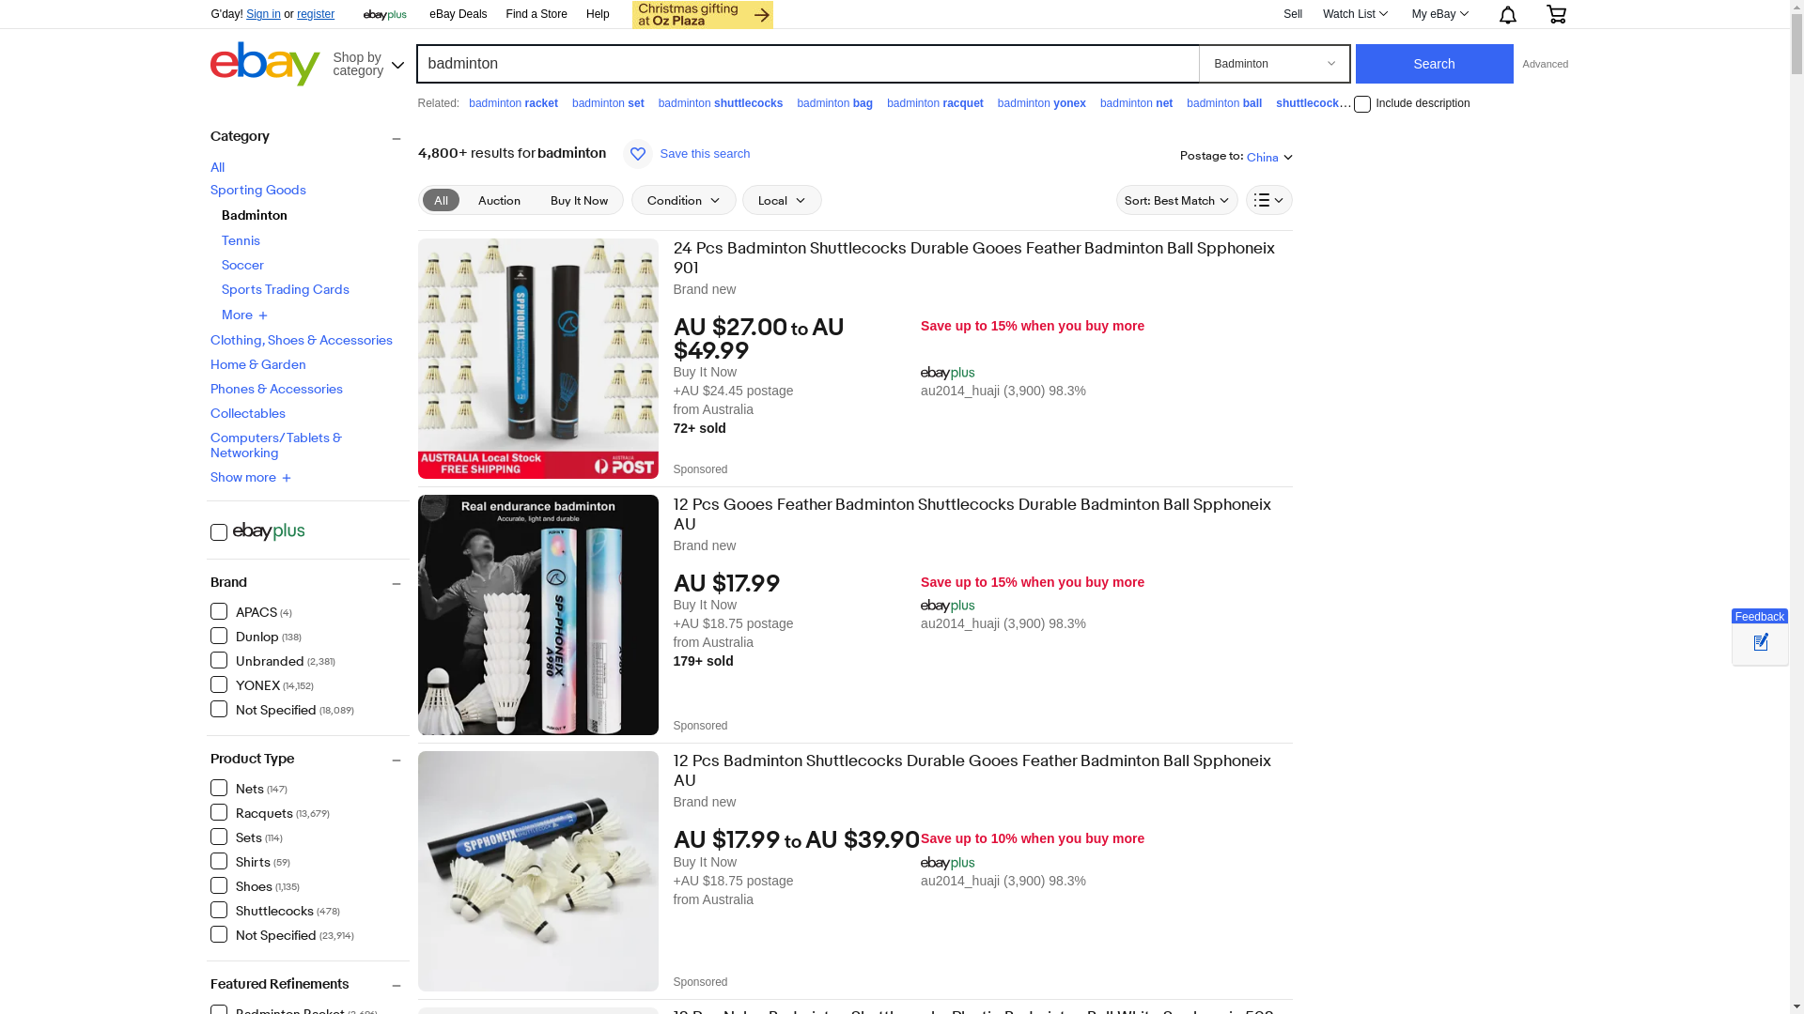  What do you see at coordinates (608, 103) in the screenshot?
I see `'badminton set'` at bounding box center [608, 103].